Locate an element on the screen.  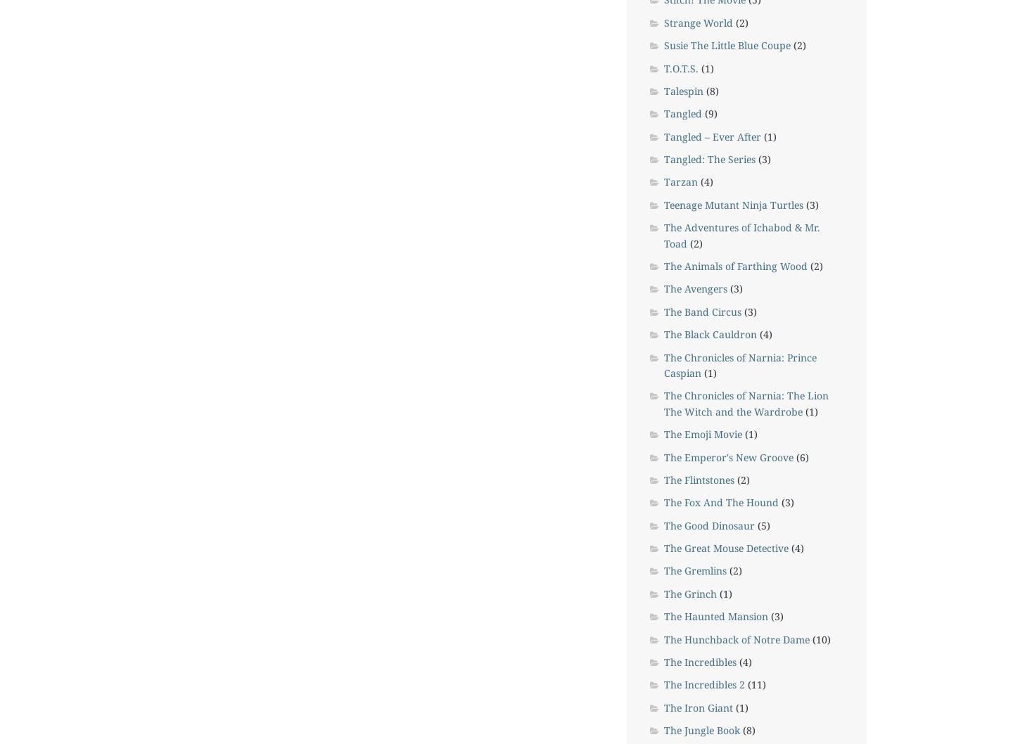
'The Great Mouse Detective' is located at coordinates (663, 548).